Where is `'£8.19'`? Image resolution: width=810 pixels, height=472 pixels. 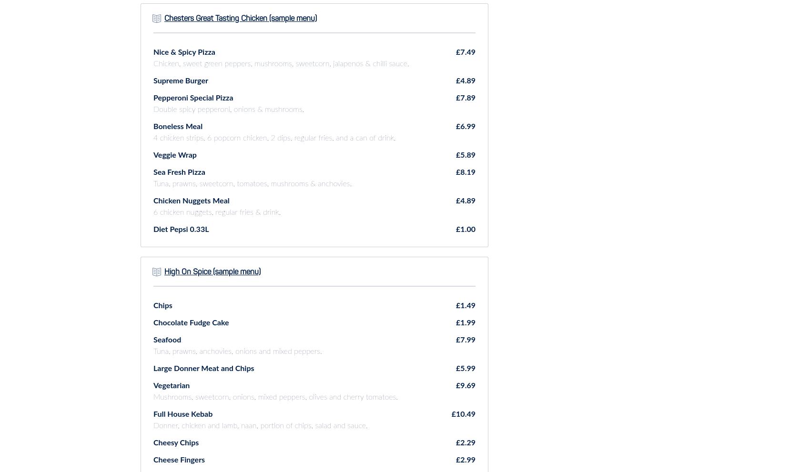
'£8.19' is located at coordinates (465, 171).